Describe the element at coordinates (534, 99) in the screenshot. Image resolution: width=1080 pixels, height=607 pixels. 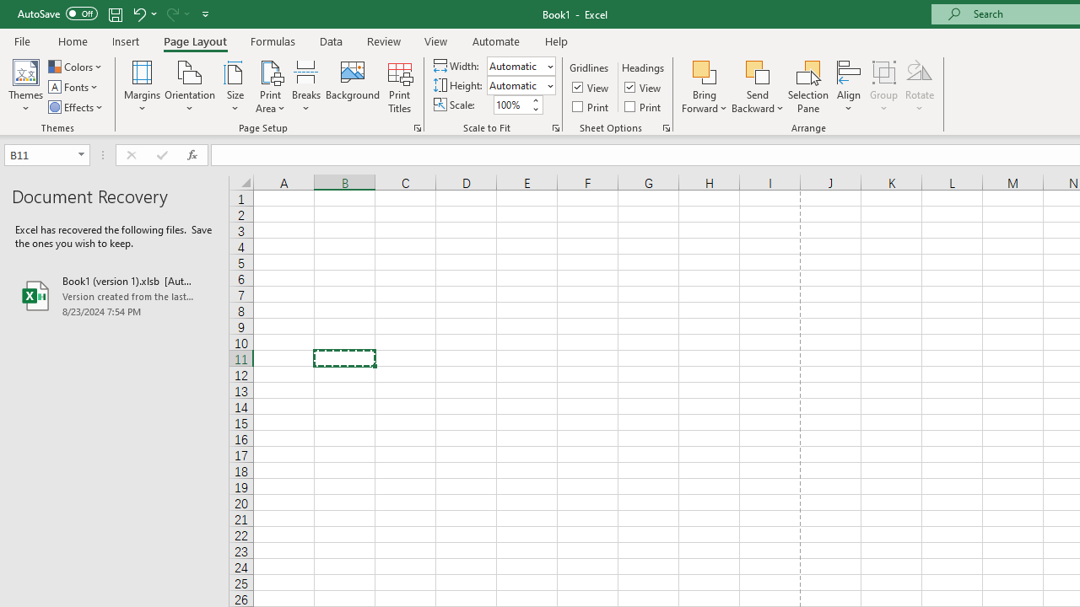
I see `'More'` at that location.